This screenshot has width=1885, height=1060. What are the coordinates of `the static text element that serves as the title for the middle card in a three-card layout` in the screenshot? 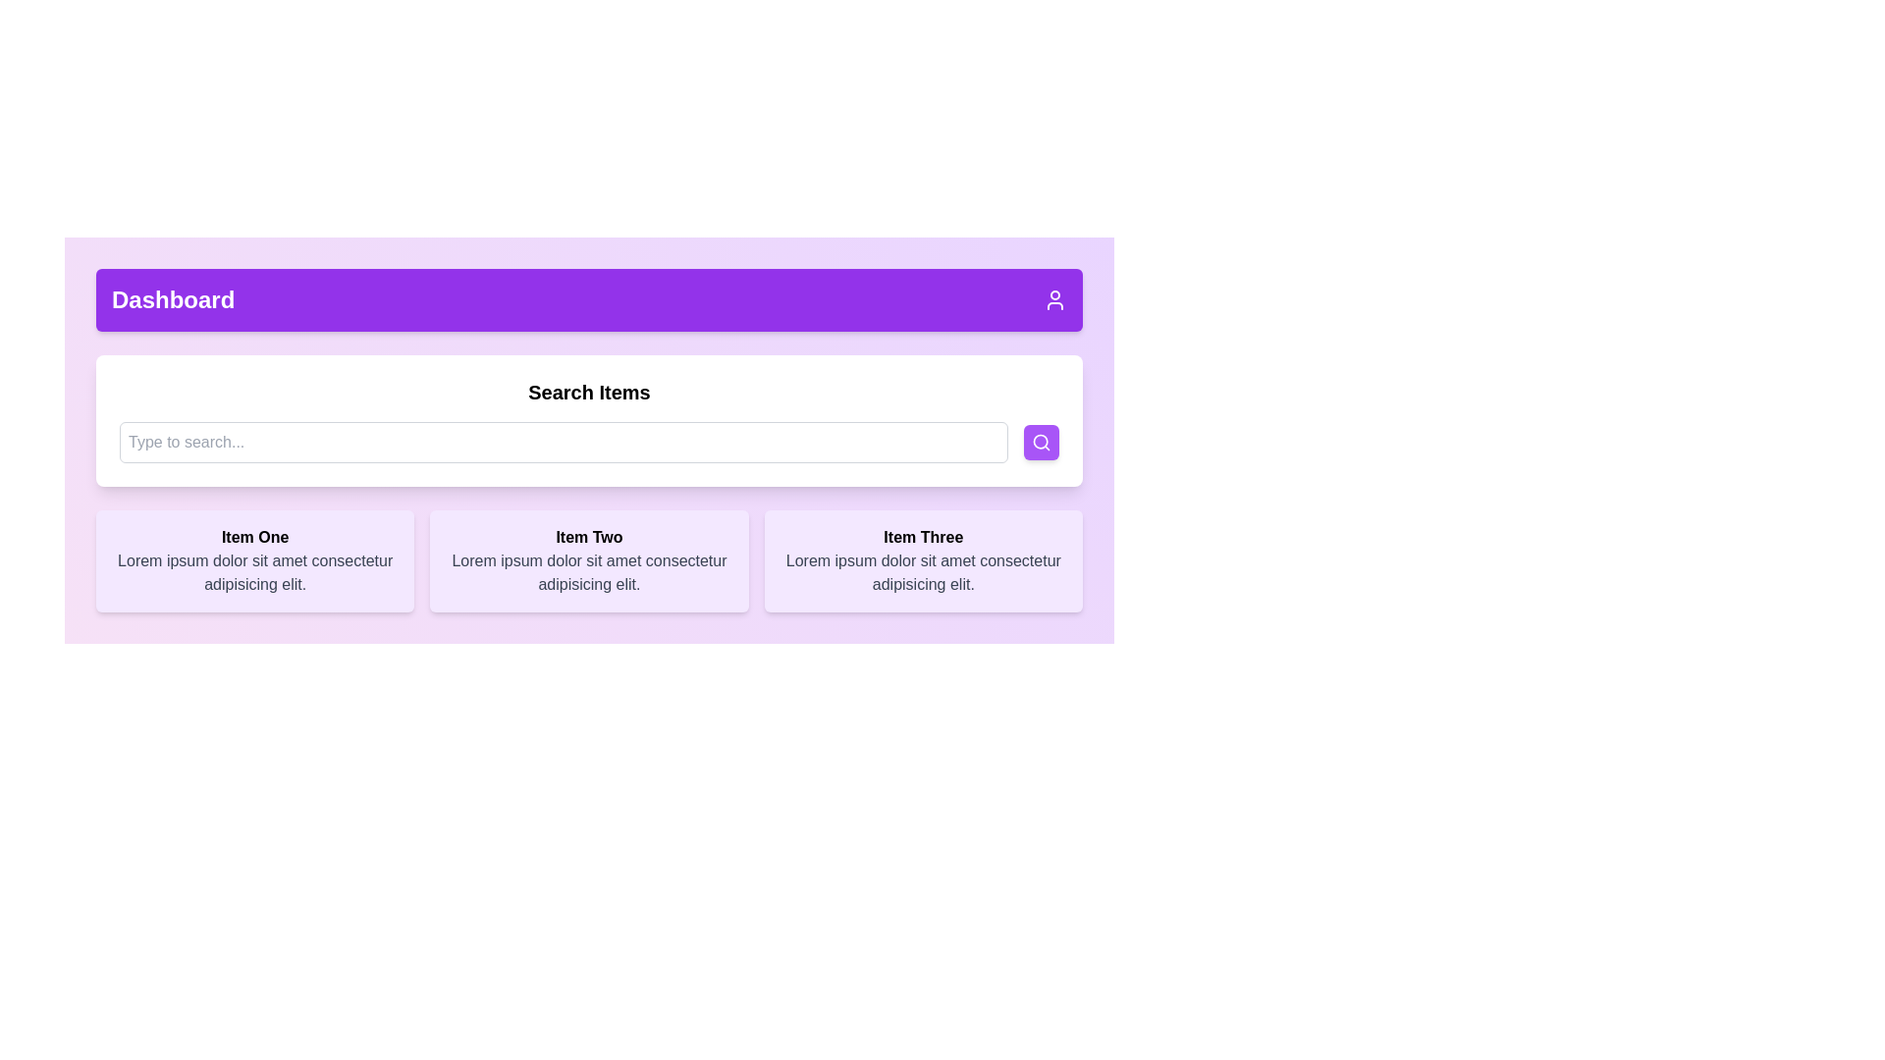 It's located at (588, 537).